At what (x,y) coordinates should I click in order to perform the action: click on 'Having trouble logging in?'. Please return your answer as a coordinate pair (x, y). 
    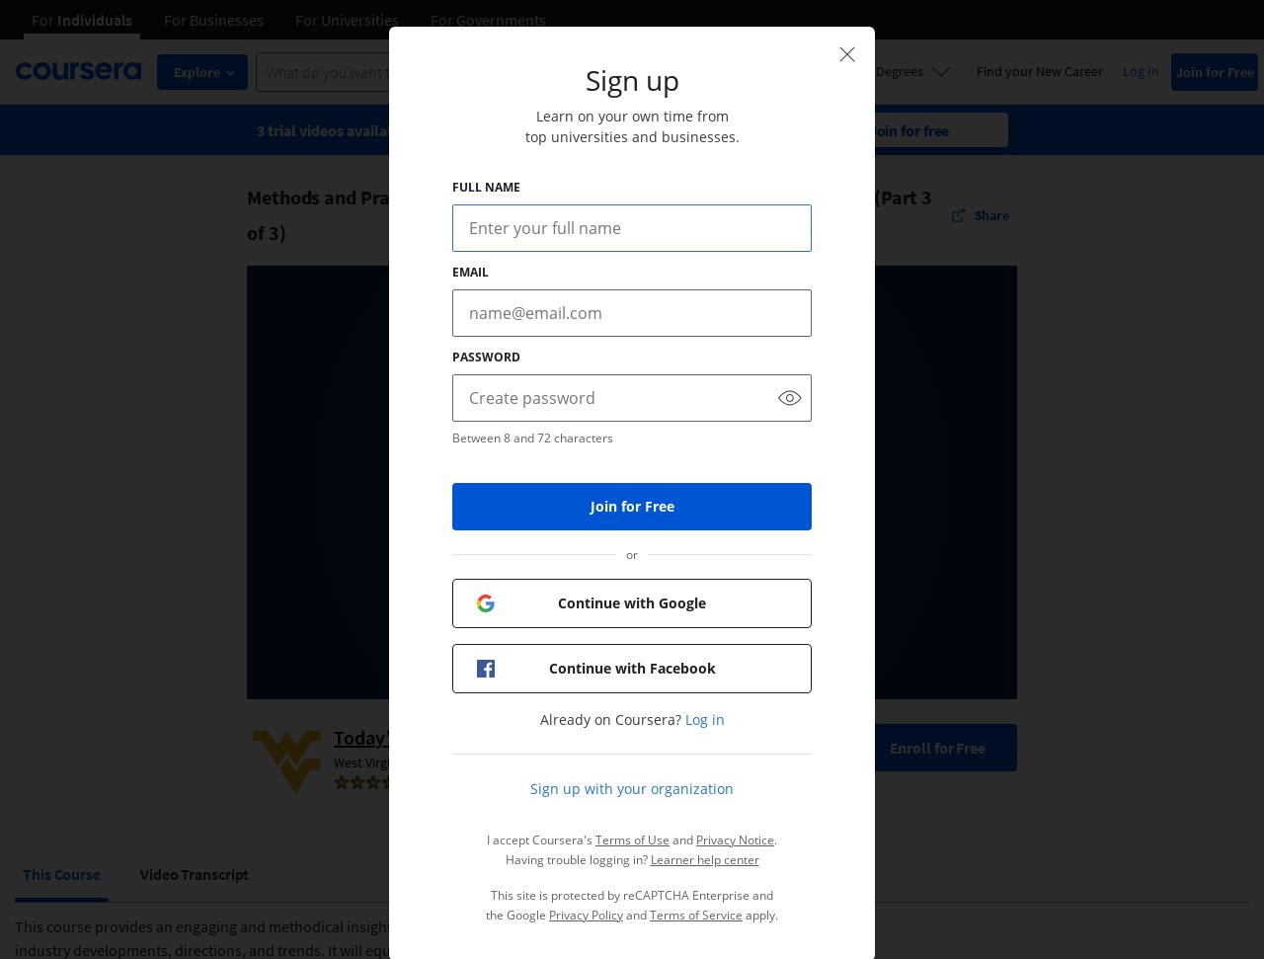
    Looking at the image, I should click on (576, 859).